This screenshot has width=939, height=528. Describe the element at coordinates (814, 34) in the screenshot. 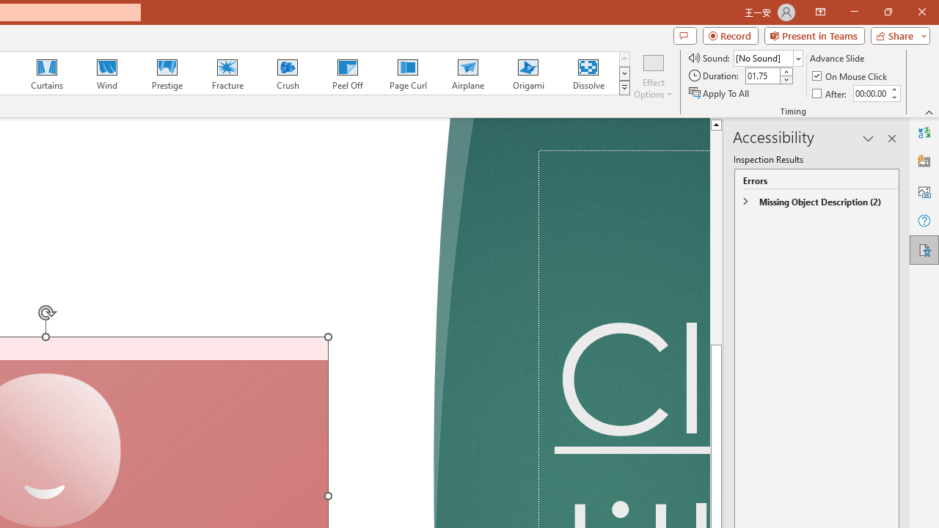

I see `'Present in Teams'` at that location.